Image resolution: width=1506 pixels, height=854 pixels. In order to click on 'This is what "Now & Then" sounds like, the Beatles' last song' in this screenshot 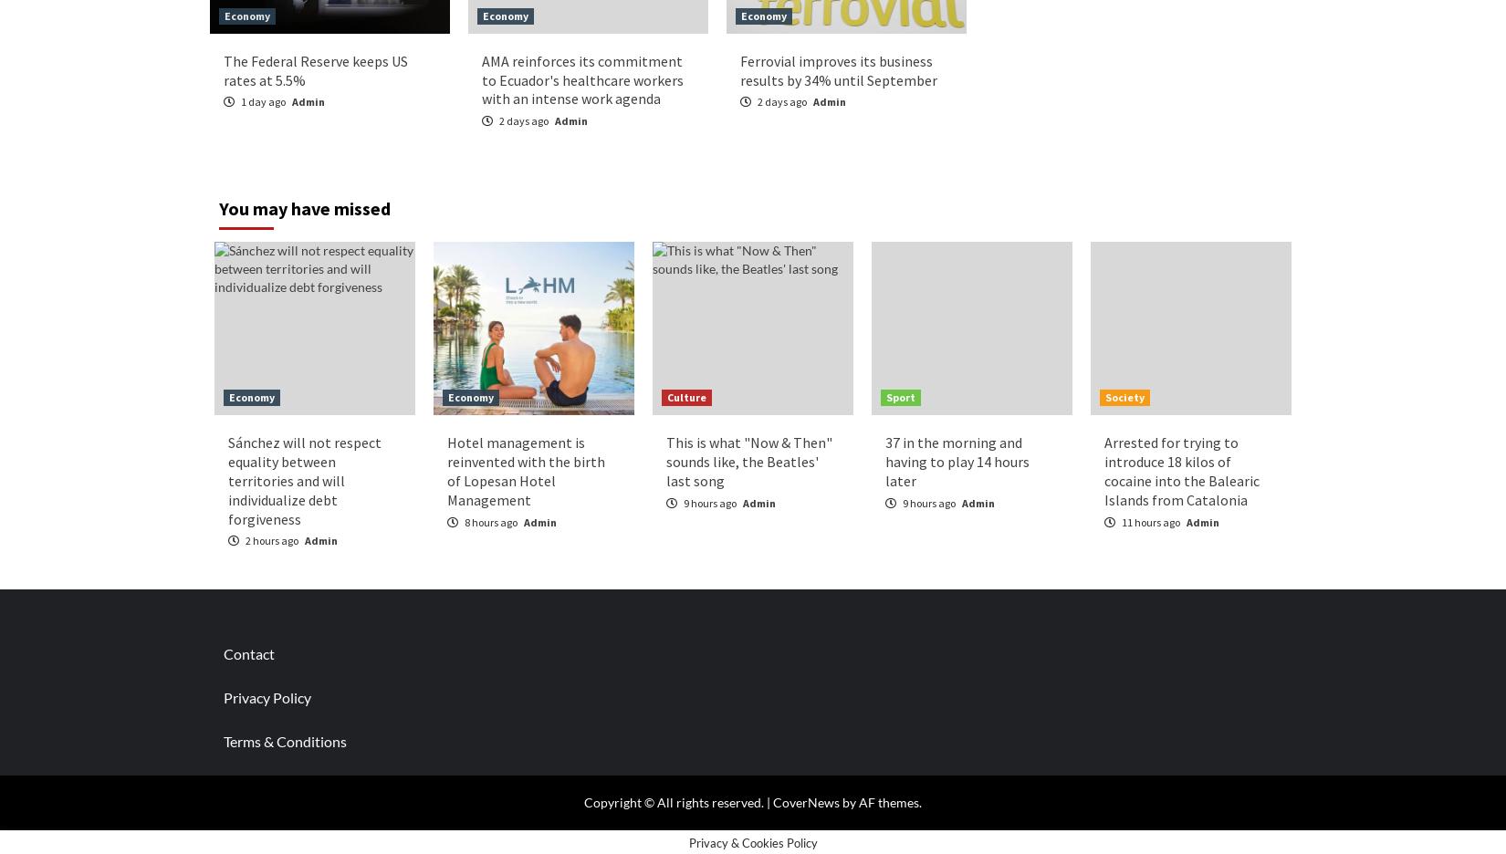, I will do `click(748, 460)`.